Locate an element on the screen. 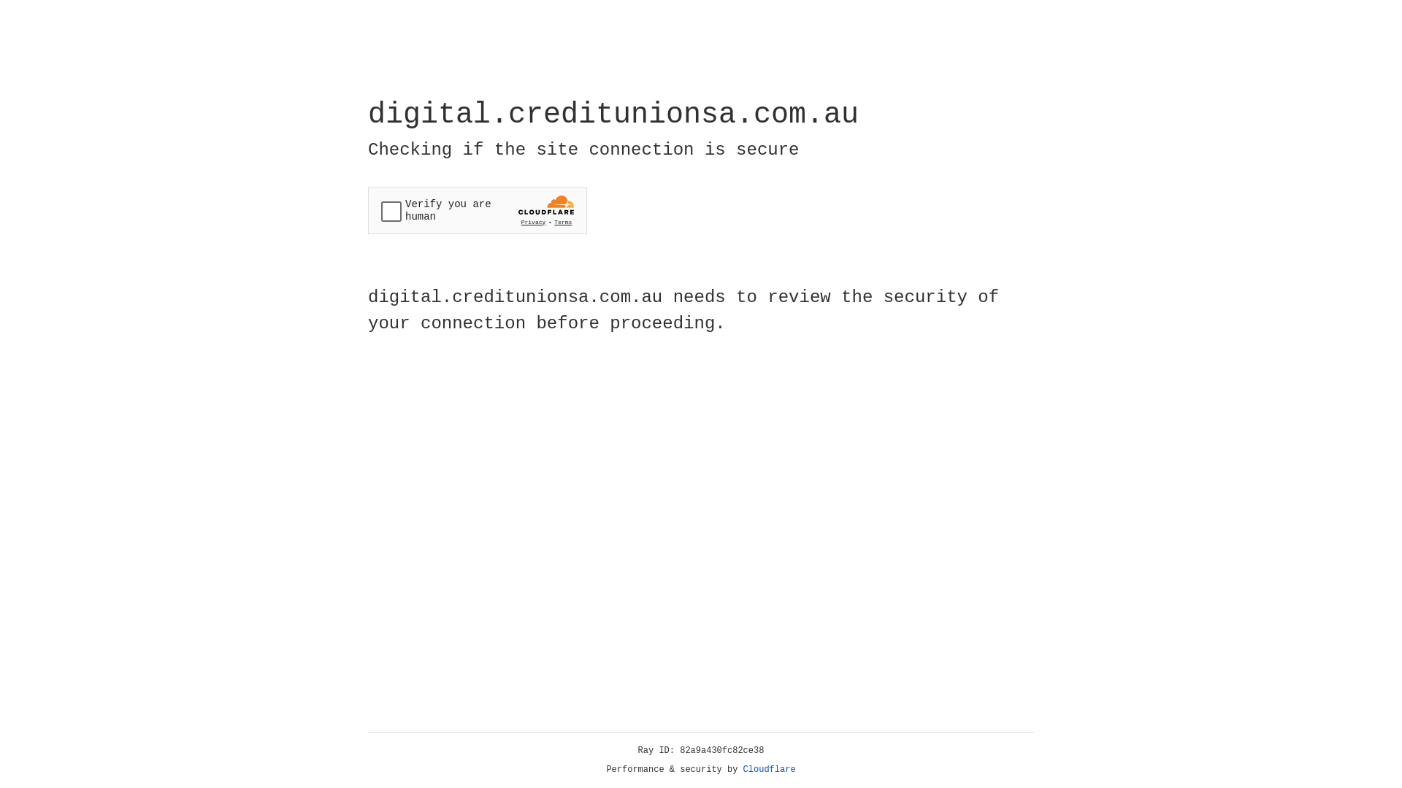 The height and width of the screenshot is (788, 1402). 'Cloudflare' is located at coordinates (769, 769).